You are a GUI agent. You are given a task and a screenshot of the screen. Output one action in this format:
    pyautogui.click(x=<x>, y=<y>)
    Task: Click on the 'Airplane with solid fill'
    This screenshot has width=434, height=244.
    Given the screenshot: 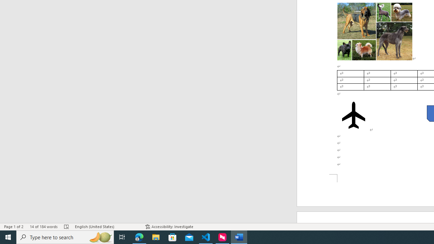 What is the action you would take?
    pyautogui.click(x=353, y=115)
    